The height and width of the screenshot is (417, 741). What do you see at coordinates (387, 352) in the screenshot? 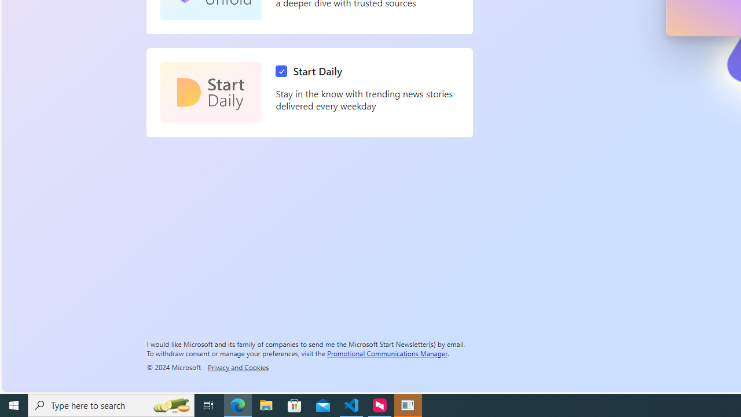
I see `'Promotional Communications Manager'` at bounding box center [387, 352].